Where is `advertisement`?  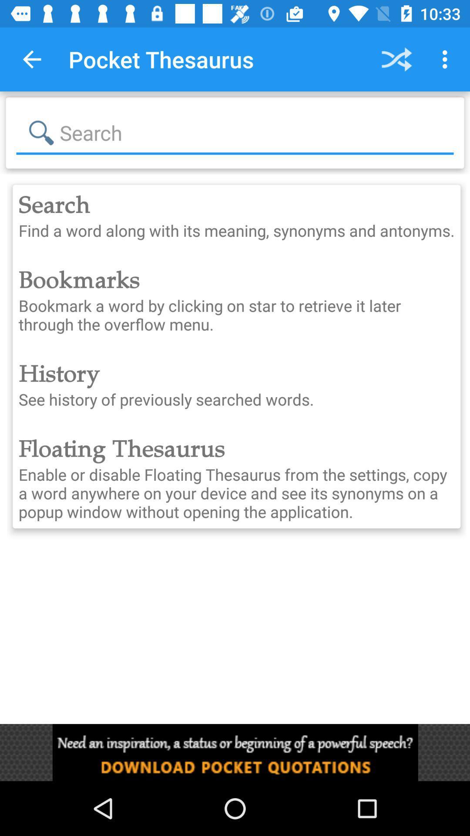
advertisement is located at coordinates (235, 752).